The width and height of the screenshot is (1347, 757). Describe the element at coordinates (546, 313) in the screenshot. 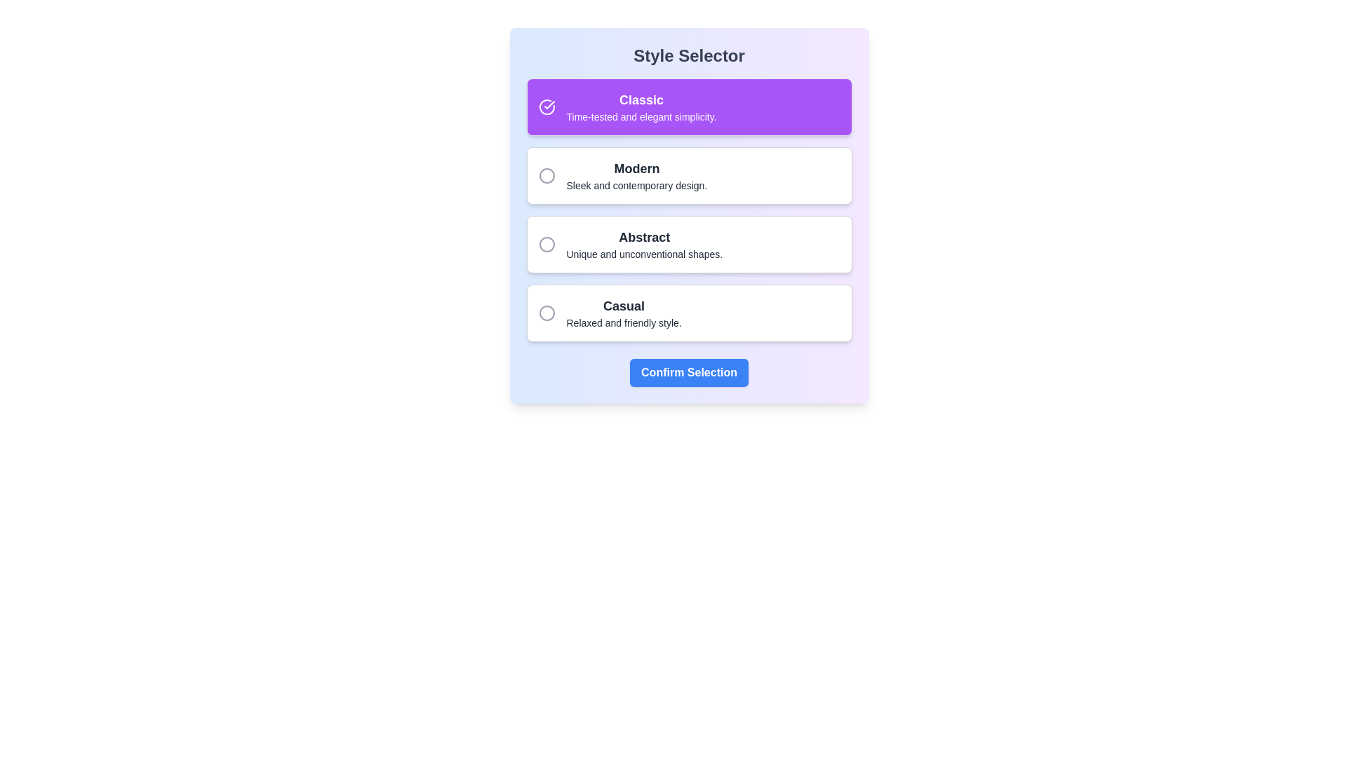

I see `the circular gray radio button for the 'Casual' option in the 'Style Selector' section` at that location.